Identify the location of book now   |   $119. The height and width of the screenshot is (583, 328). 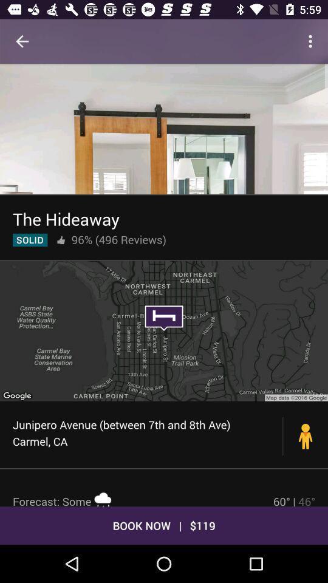
(164, 525).